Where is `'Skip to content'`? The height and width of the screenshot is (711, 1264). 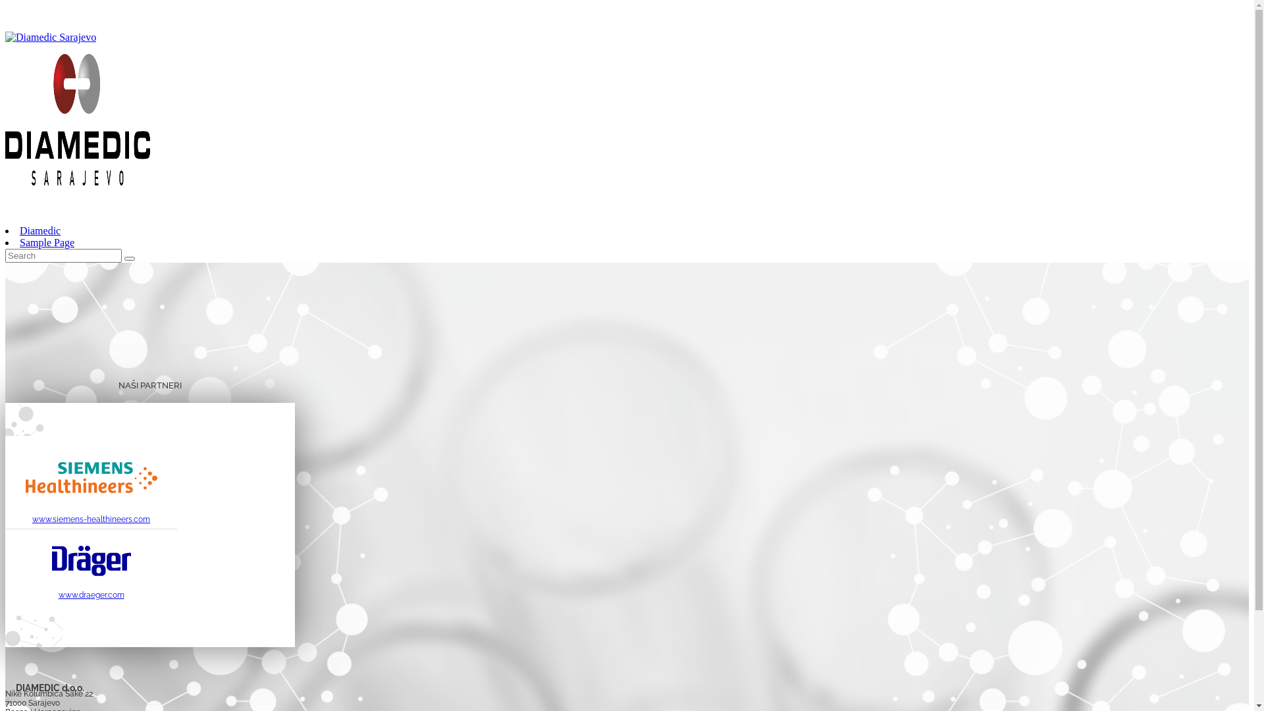 'Skip to content' is located at coordinates (5, 5).